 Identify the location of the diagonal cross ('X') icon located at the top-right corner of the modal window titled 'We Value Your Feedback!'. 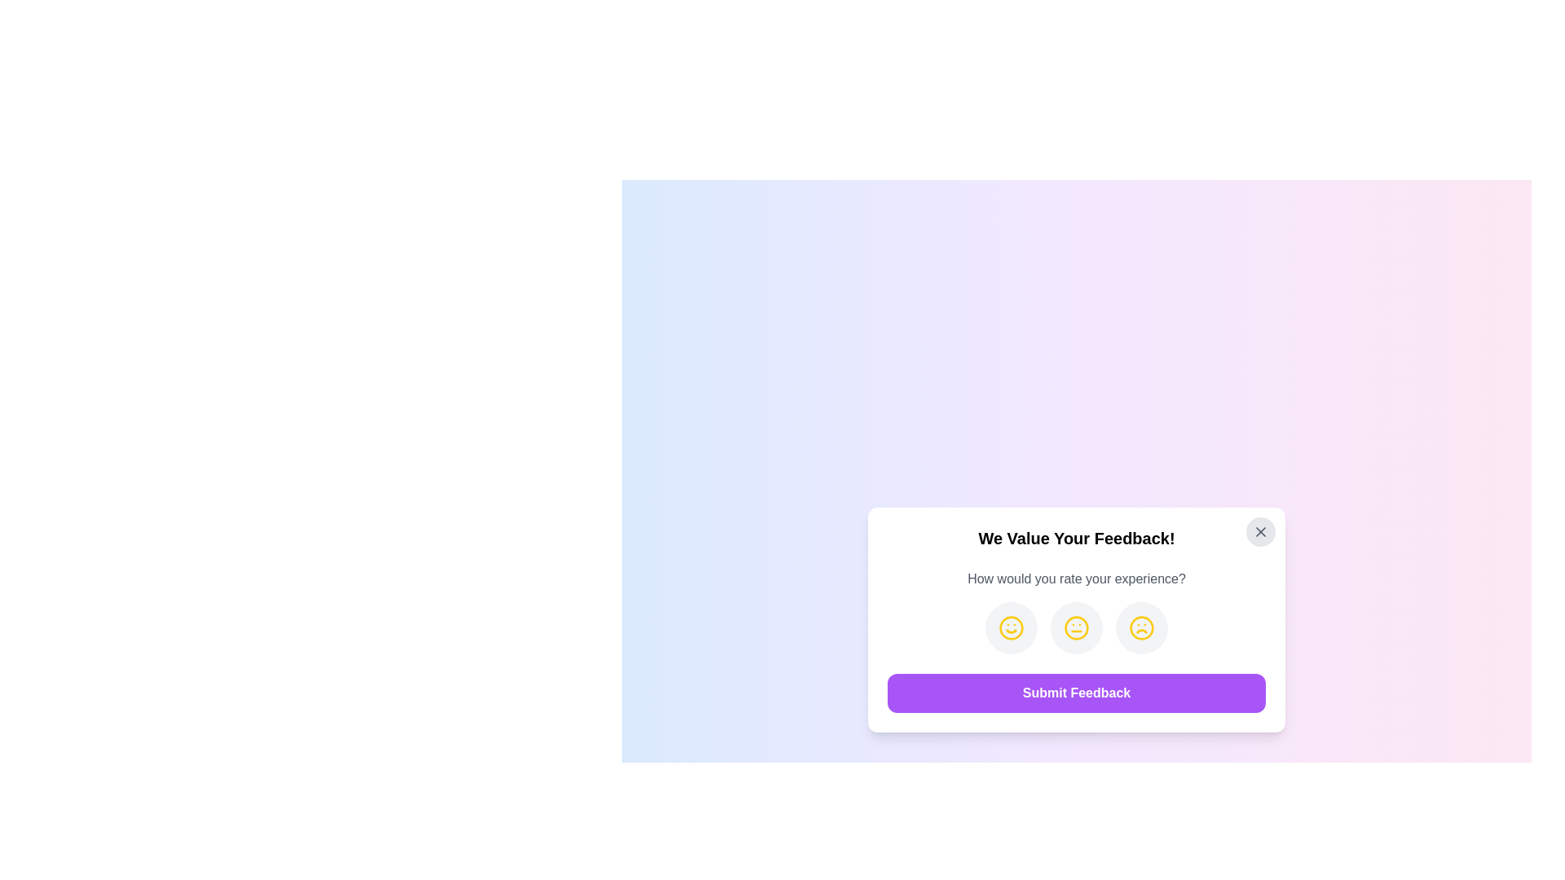
(1259, 531).